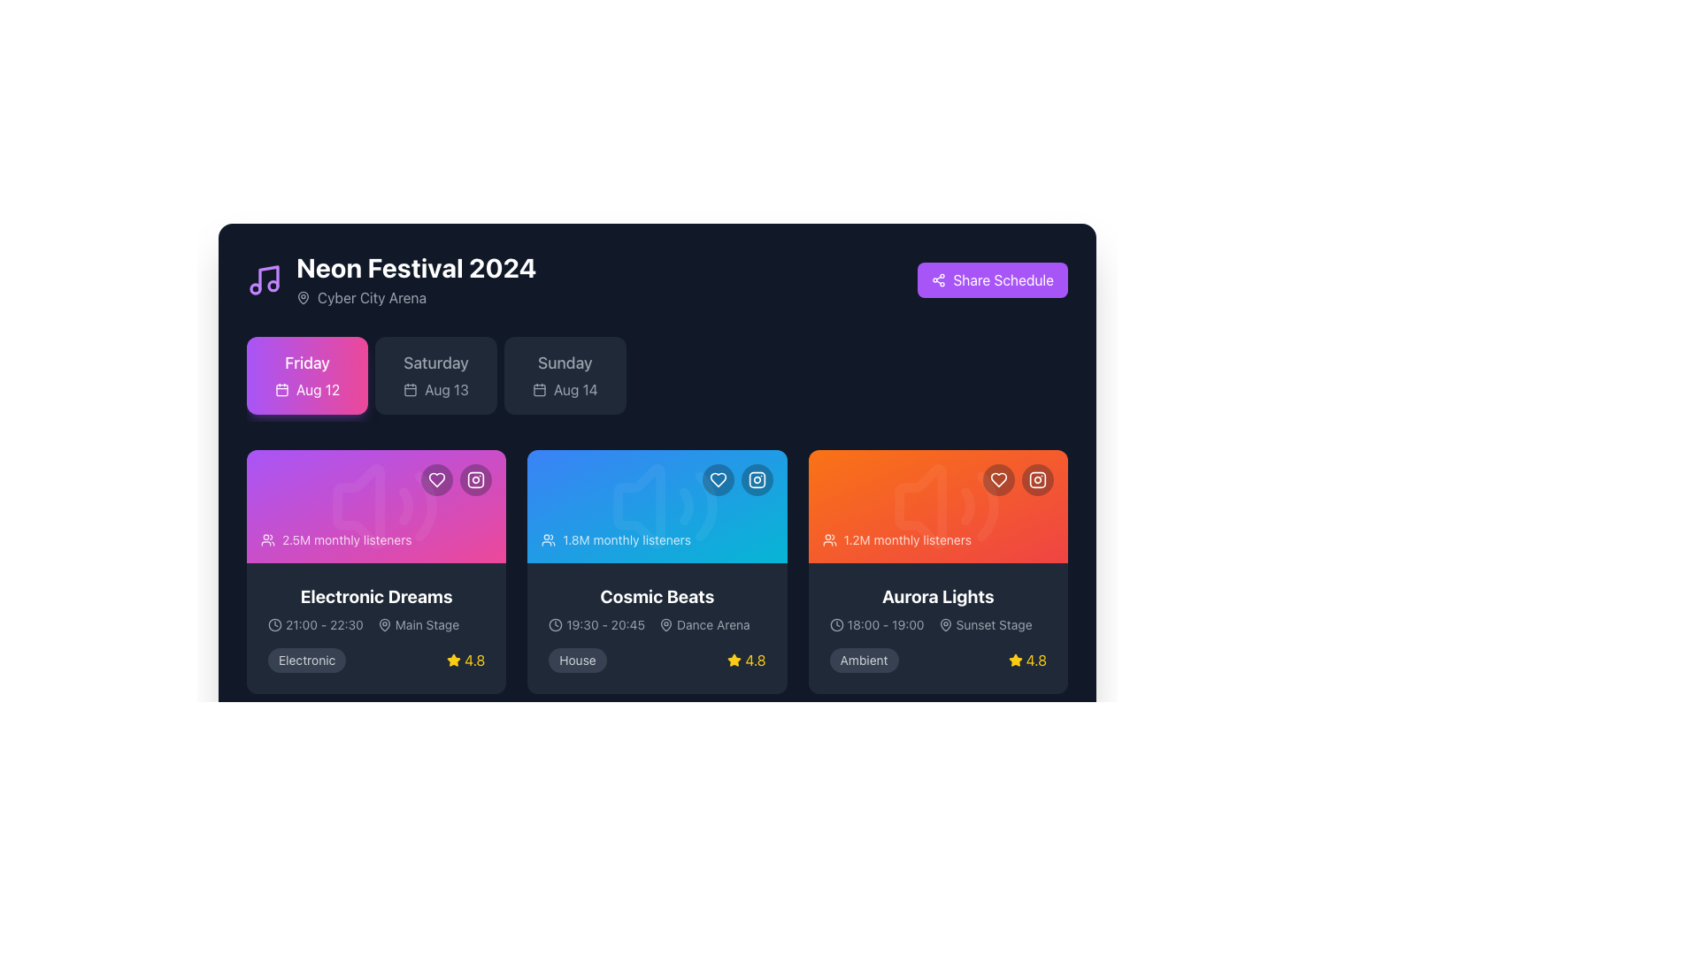 This screenshot has width=1699, height=955. Describe the element at coordinates (718, 480) in the screenshot. I see `the first button` at that location.